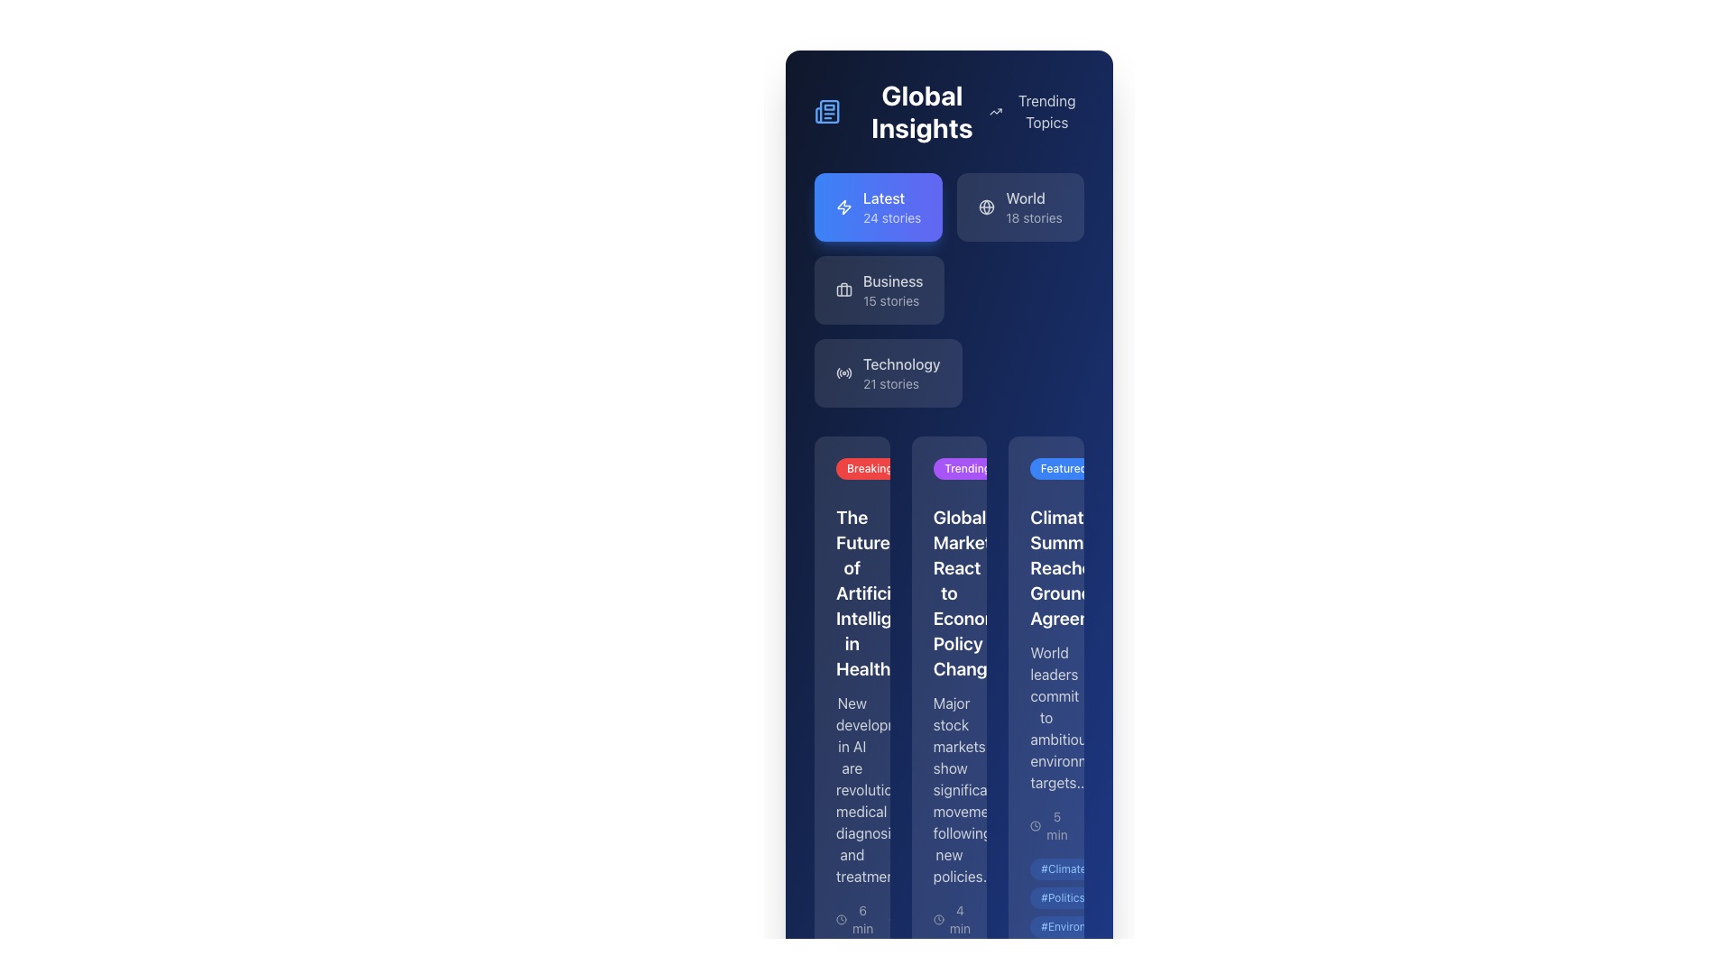 Image resolution: width=1732 pixels, height=974 pixels. I want to click on displayed reading time text '5 min' located at the bottom of the third news card in the footer area, which includes a clock icon, so click(1109, 825).